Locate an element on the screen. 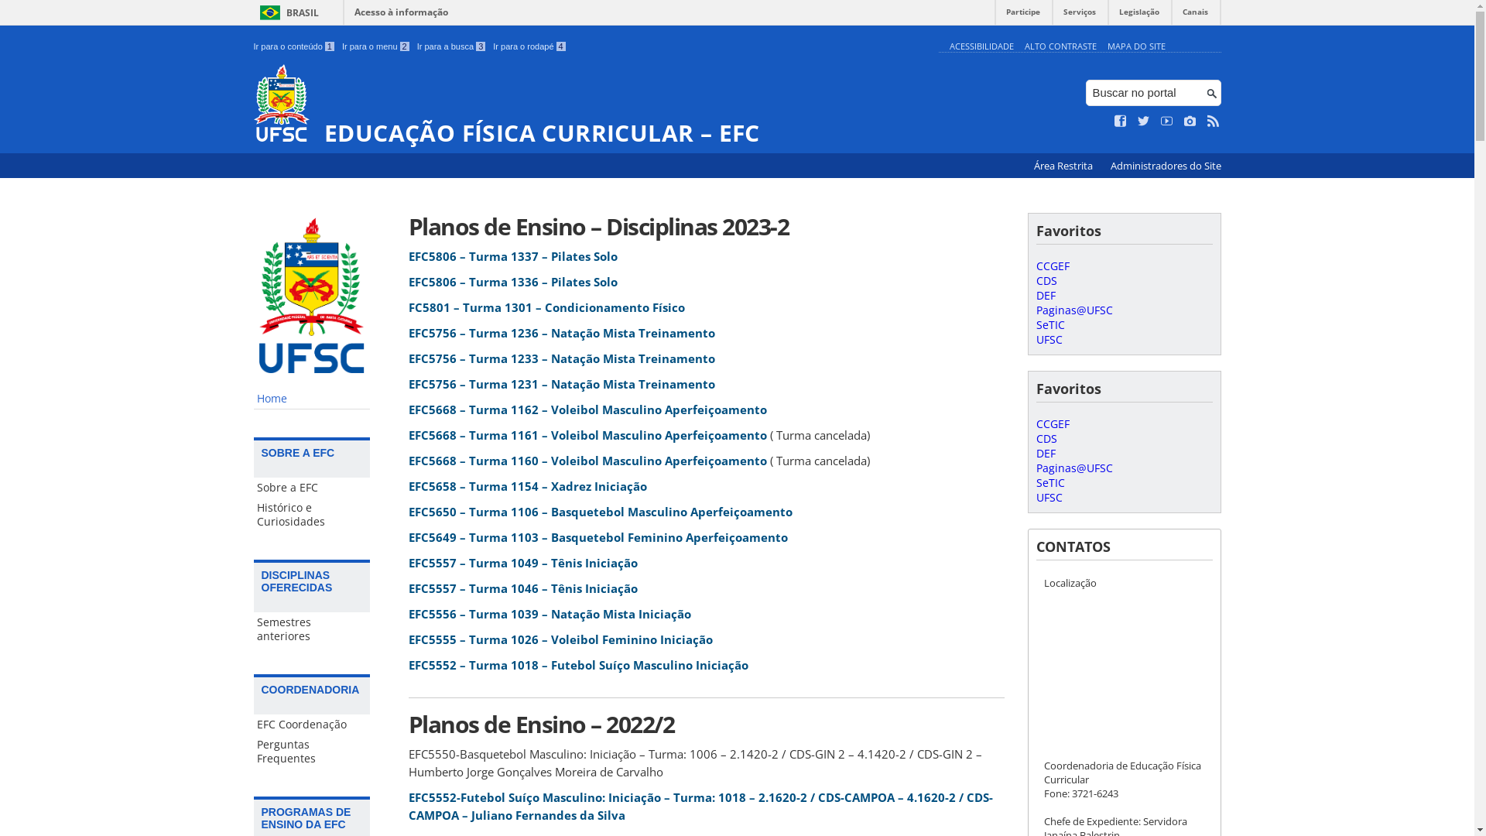 Image resolution: width=1486 pixels, height=836 pixels. 'UFSC' is located at coordinates (1048, 338).